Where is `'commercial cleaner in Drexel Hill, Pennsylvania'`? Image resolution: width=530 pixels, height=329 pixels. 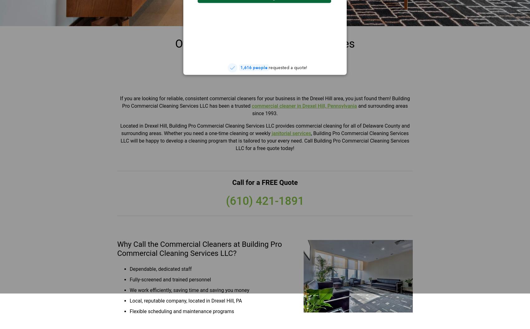 'commercial cleaner in Drexel Hill, Pennsylvania' is located at coordinates (304, 106).